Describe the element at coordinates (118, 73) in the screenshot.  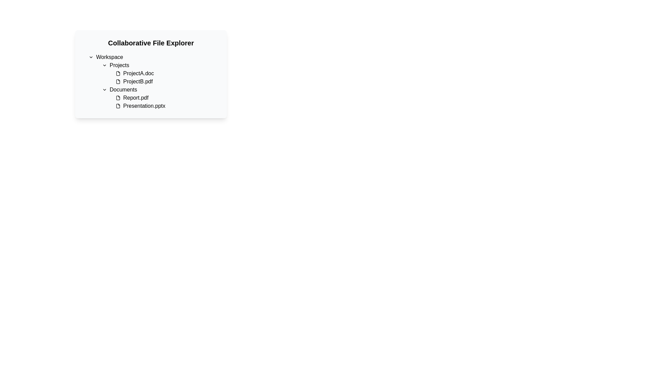
I see `the small black file icon located to the left of the label 'ProjectA.doc' in the 'Projects' section of the file explorer interface` at that location.